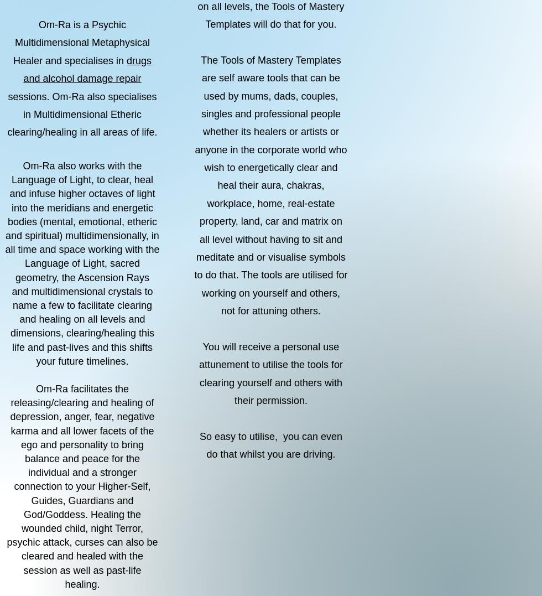 This screenshot has width=542, height=596. What do you see at coordinates (82, 221) in the screenshot?
I see `'Ra also works with the Language of Light, to clear, heal and infuse higher octaves of light into the meridians and energetic bodies (mental, emotional, etheric and spiritual) multidimensionally, in all time and space working with the Language of Light, sacred geometry, the Ascension Rays'` at bounding box center [82, 221].